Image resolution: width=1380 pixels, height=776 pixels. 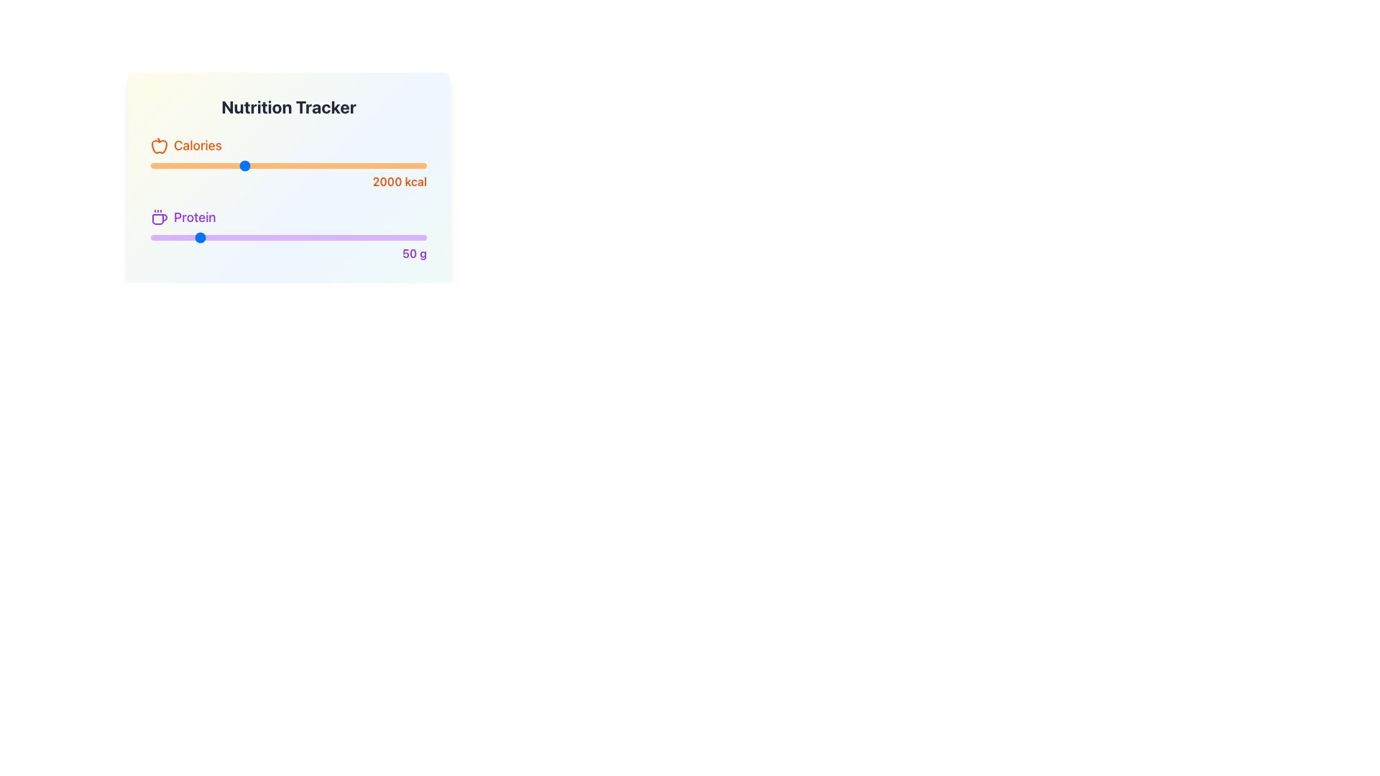 I want to click on protein quantity, so click(x=258, y=237).